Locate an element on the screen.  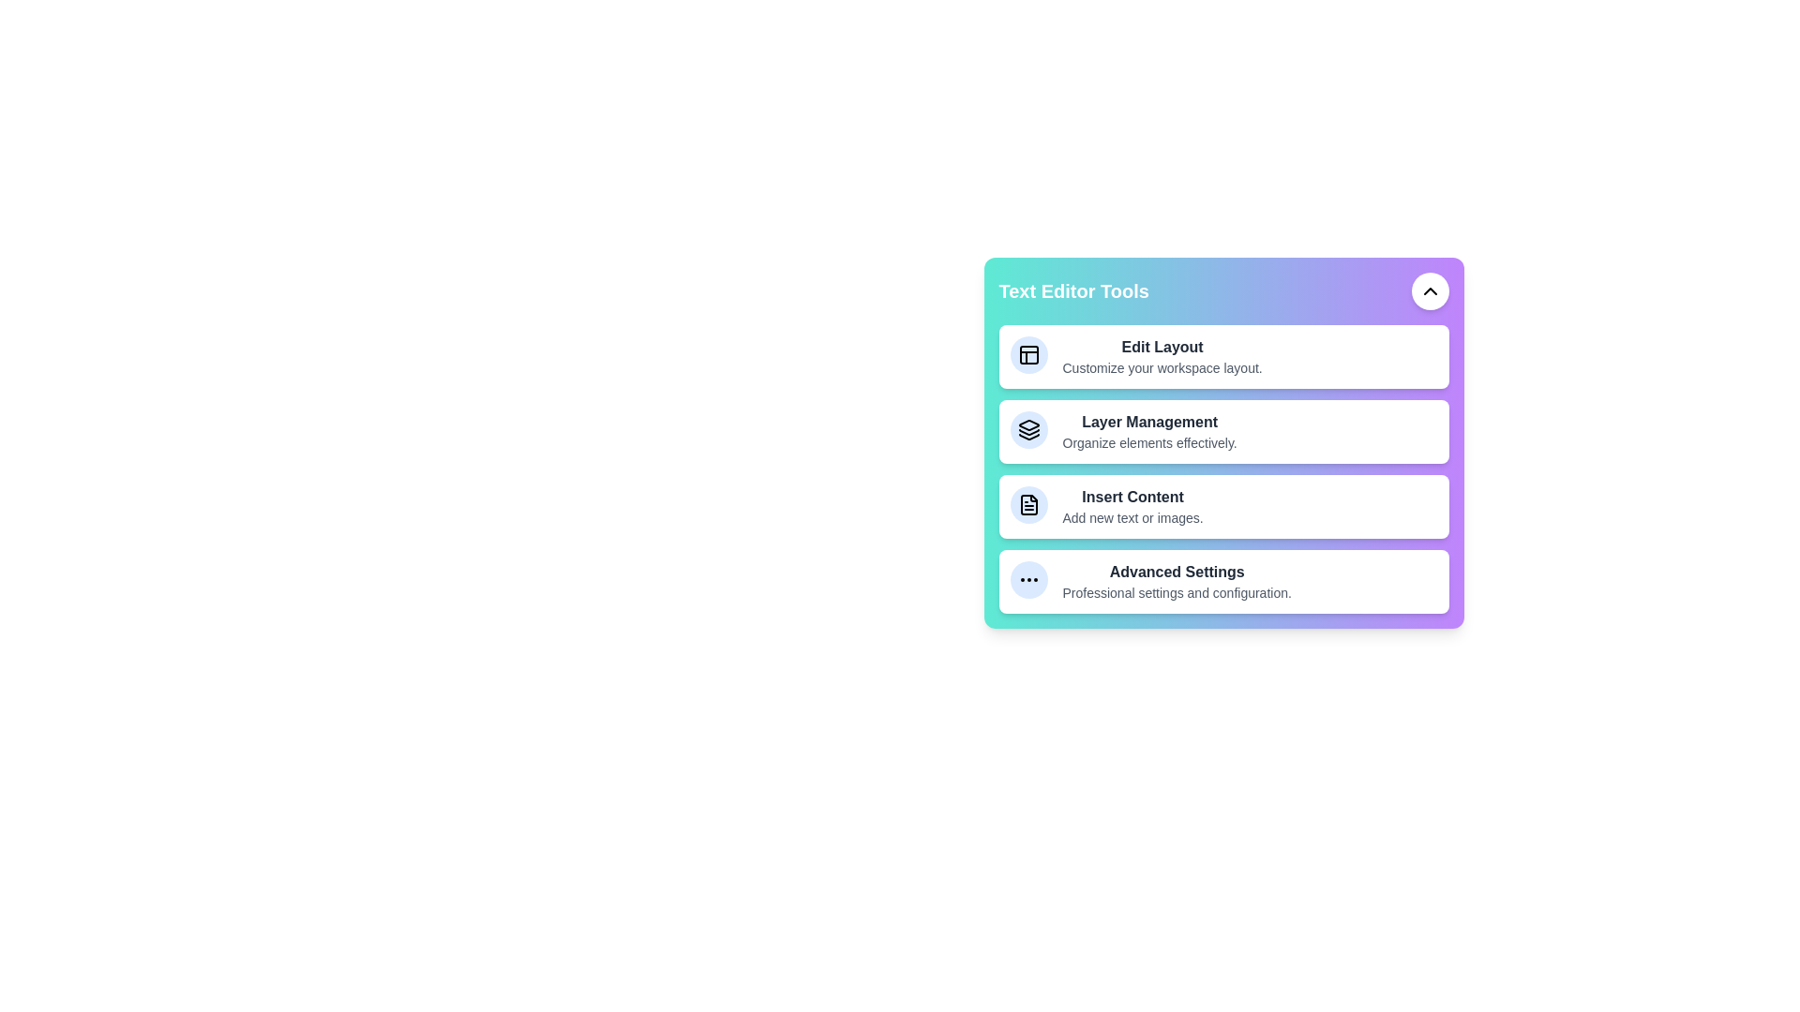
the tool icon corresponding to Layer Management is located at coordinates (1027, 430).